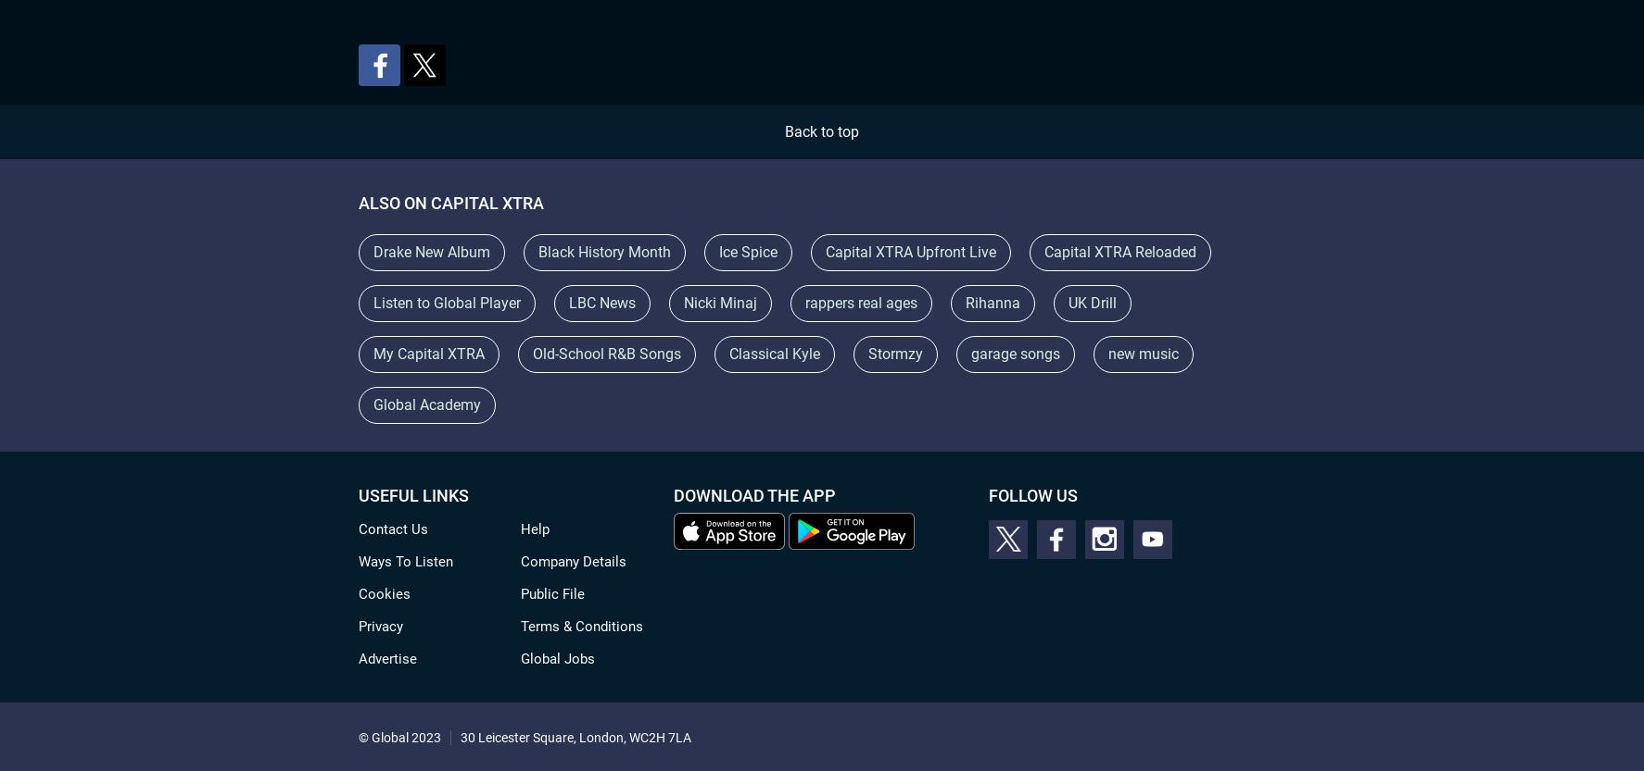 Image resolution: width=1644 pixels, height=771 pixels. What do you see at coordinates (1031, 495) in the screenshot?
I see `'Follow Us'` at bounding box center [1031, 495].